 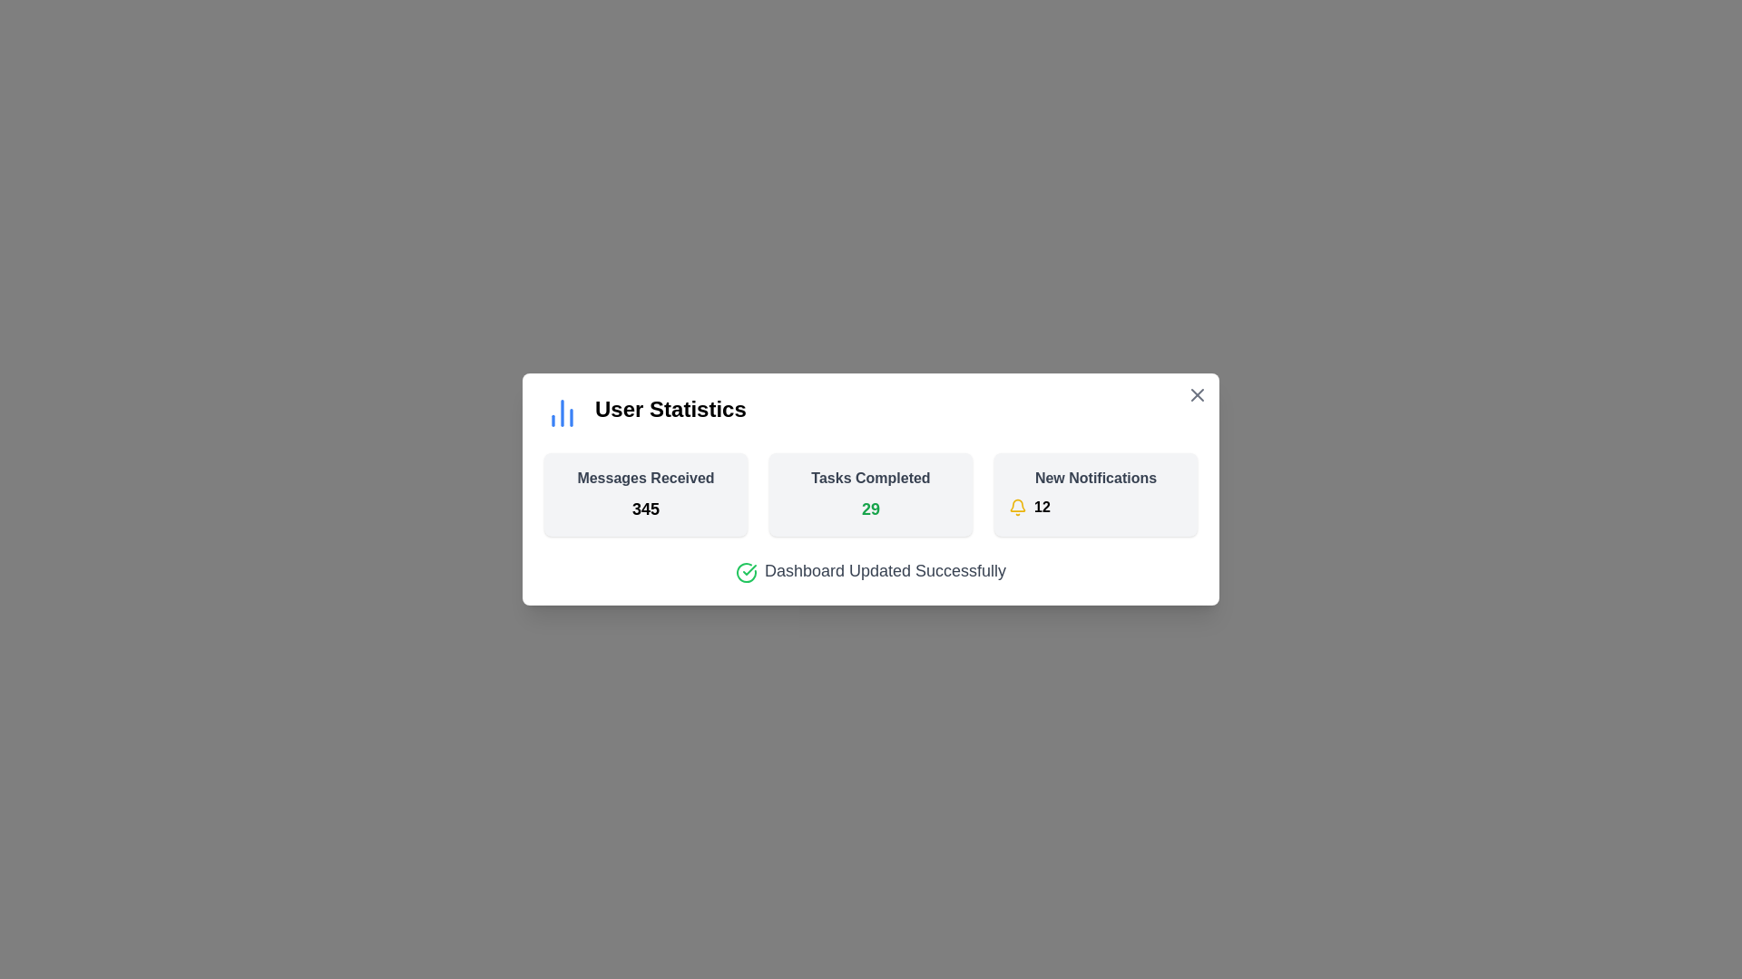 I want to click on the Text label (numeric display) that shows the count of messages received, which is positioned below the 'Messages Received' label, so click(x=645, y=509).